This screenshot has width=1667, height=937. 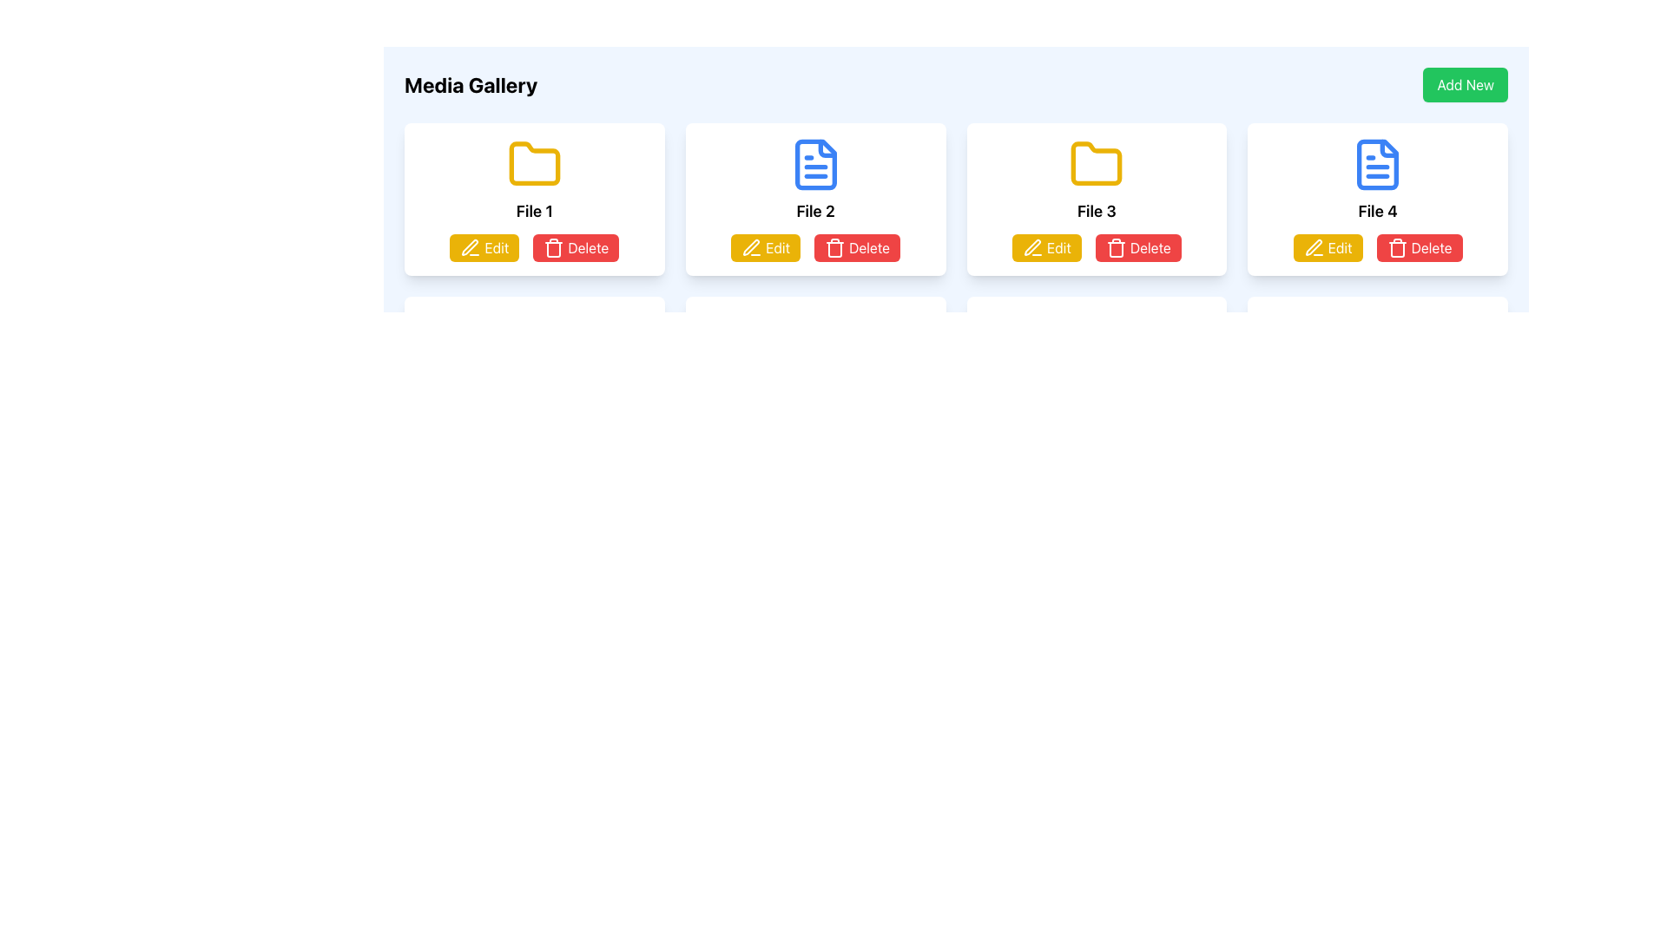 What do you see at coordinates (1137, 247) in the screenshot?
I see `the 'Delete' button with a red background and white text, featuring a trash bin icon, located at the bottom right of the third card in the grid` at bounding box center [1137, 247].